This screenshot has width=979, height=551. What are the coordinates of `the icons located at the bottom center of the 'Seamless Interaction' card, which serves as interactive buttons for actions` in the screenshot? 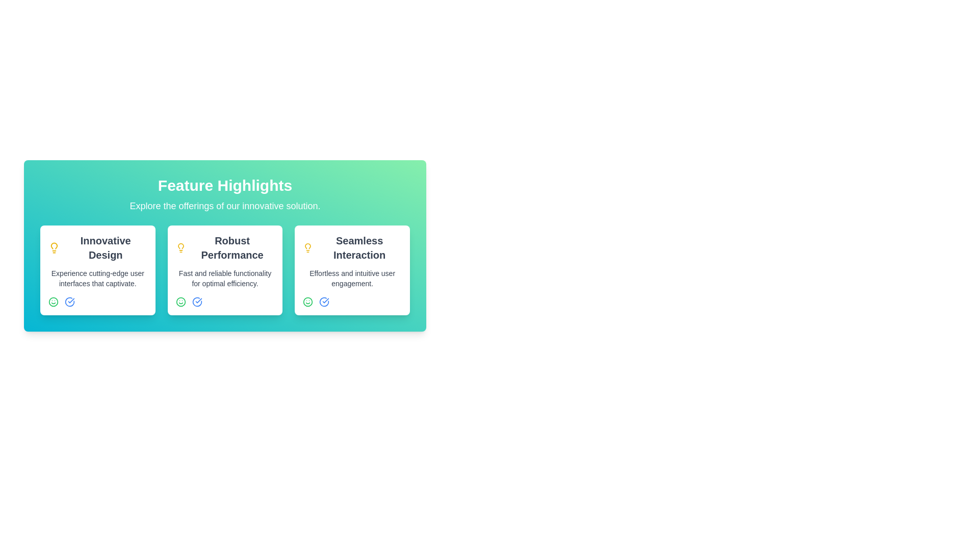 It's located at (352, 301).